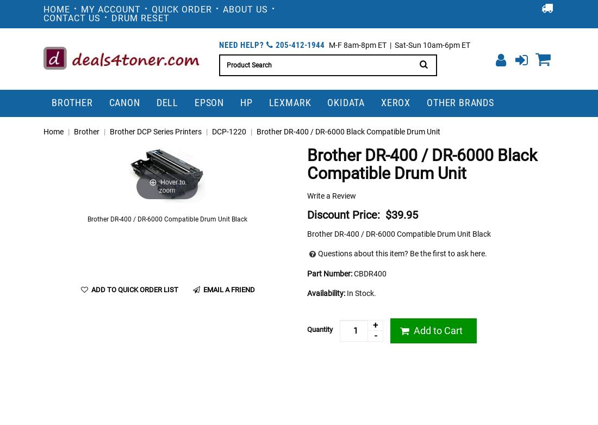  I want to click on 'Okidata', so click(327, 101).